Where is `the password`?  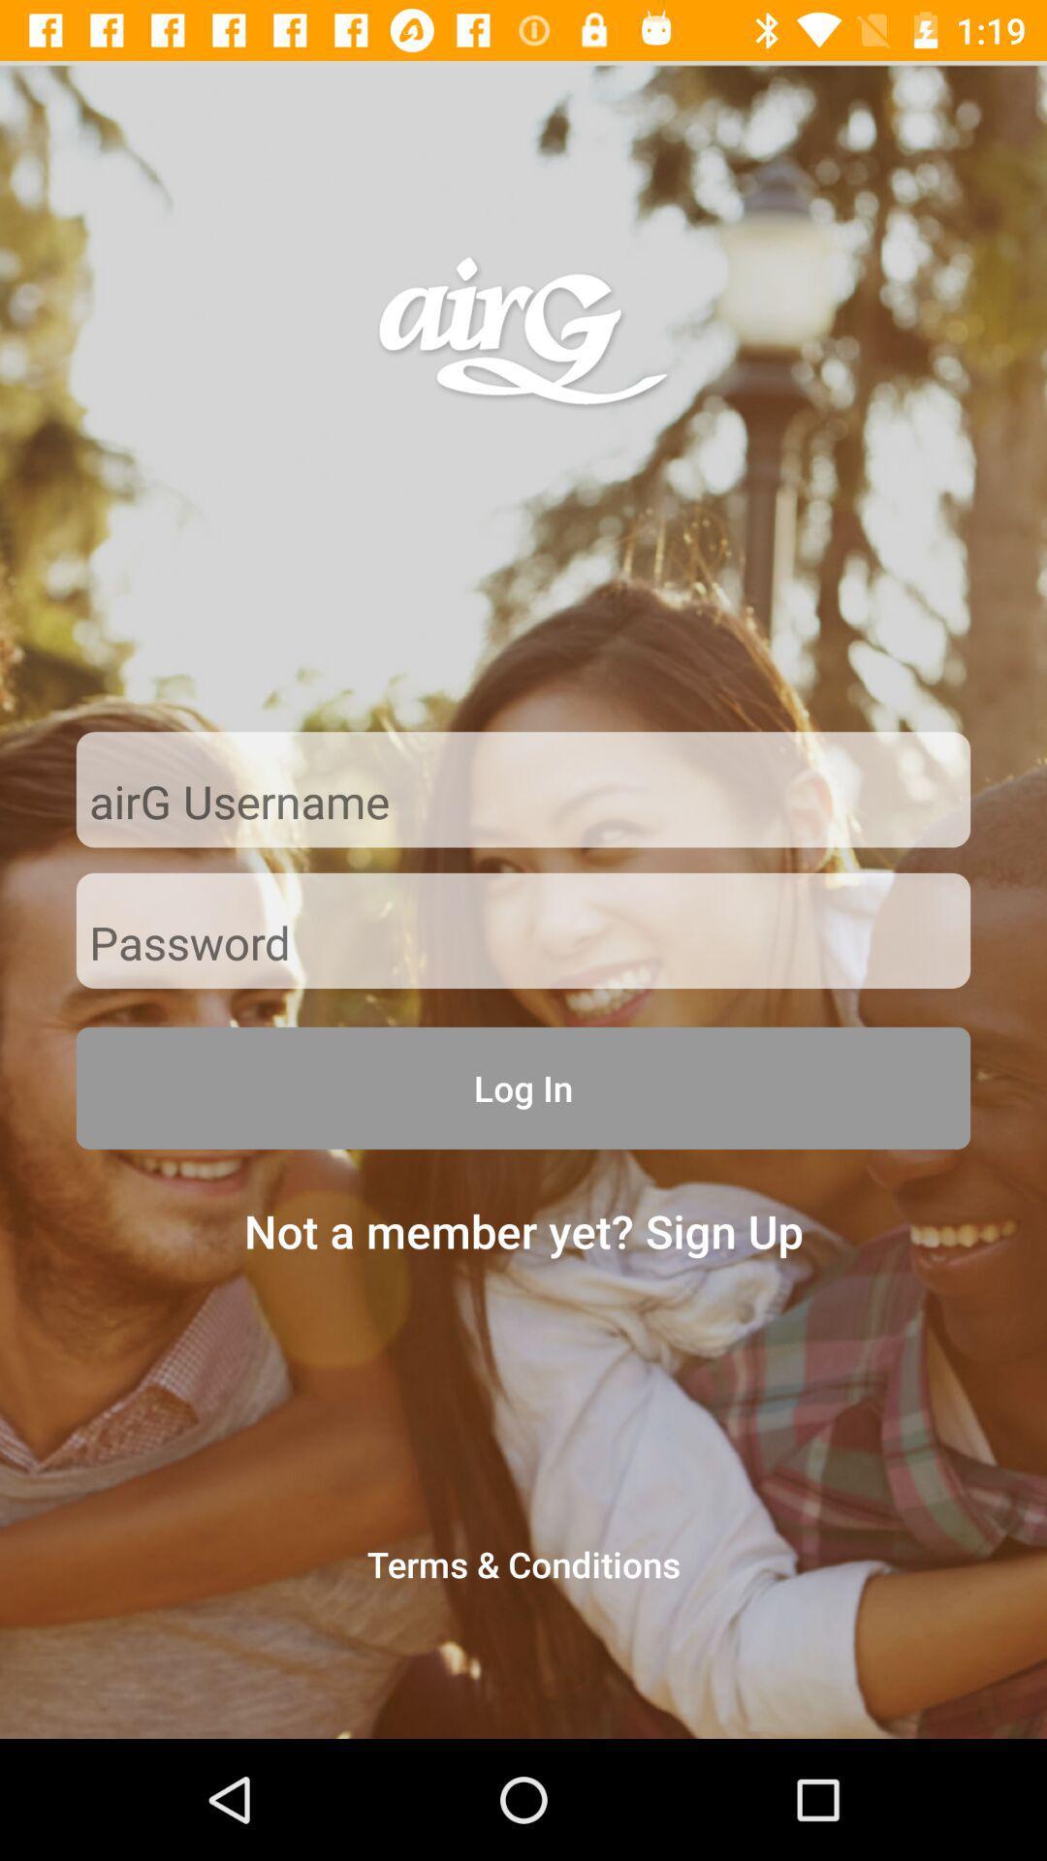 the password is located at coordinates (523, 944).